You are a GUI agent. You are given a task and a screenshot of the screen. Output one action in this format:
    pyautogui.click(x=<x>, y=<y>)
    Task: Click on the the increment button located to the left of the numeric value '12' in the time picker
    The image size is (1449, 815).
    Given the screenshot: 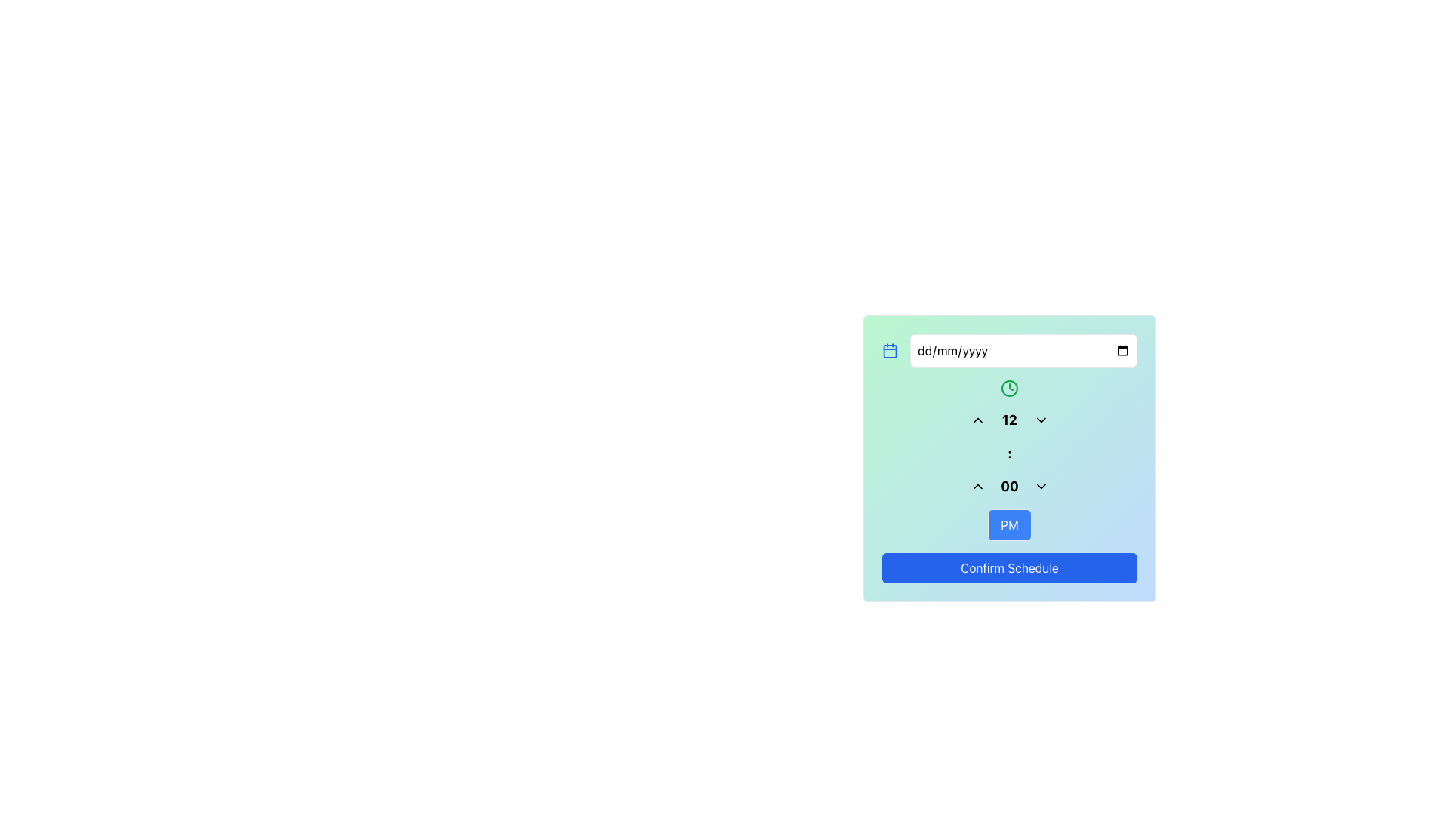 What is the action you would take?
    pyautogui.click(x=978, y=420)
    